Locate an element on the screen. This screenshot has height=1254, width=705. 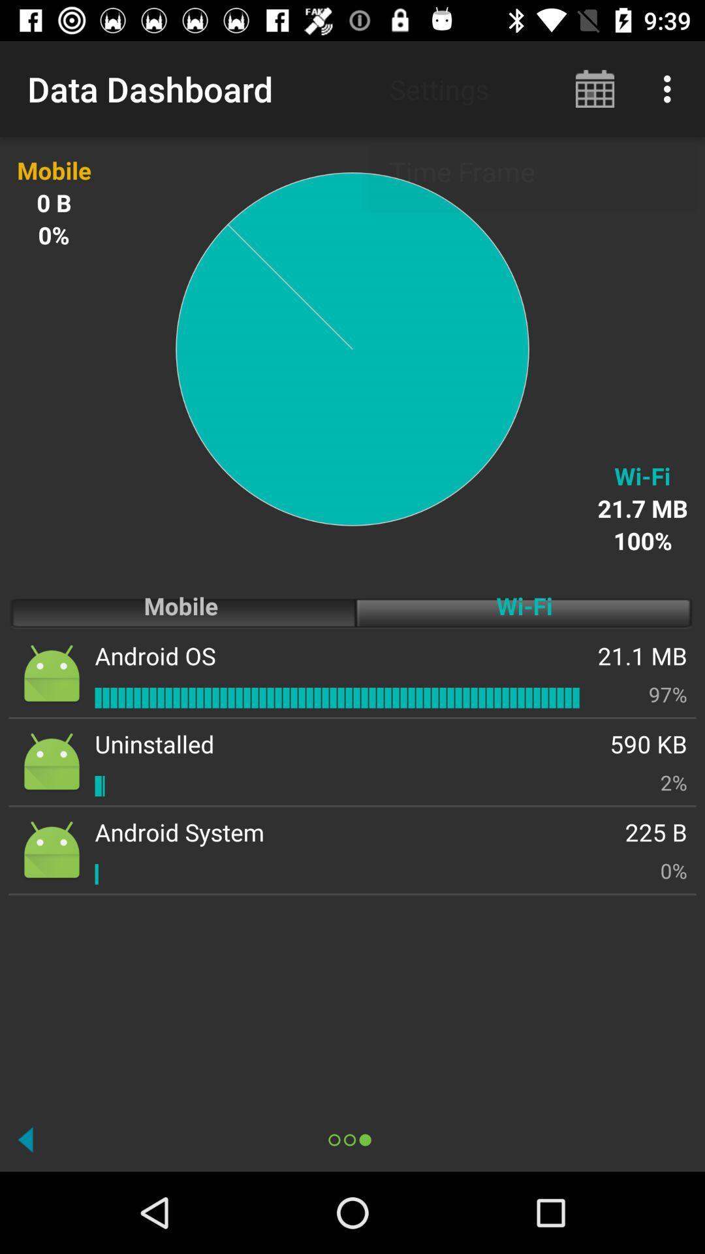
the app to the left of wi-fi app is located at coordinates (155, 656).